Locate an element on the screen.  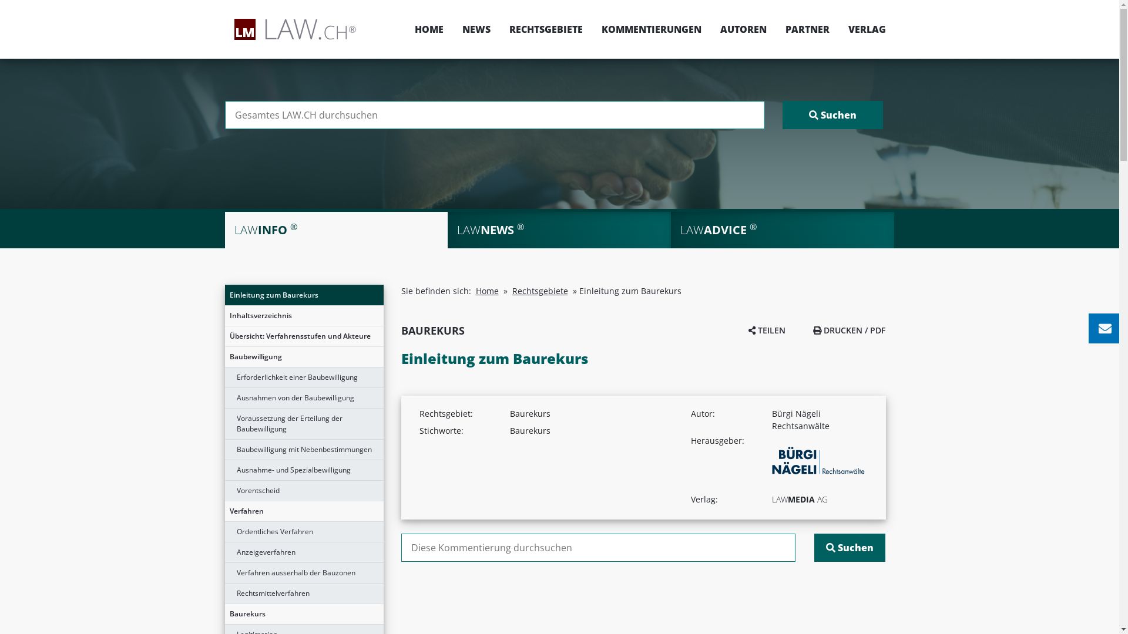
'Baurekurs' is located at coordinates (224, 613).